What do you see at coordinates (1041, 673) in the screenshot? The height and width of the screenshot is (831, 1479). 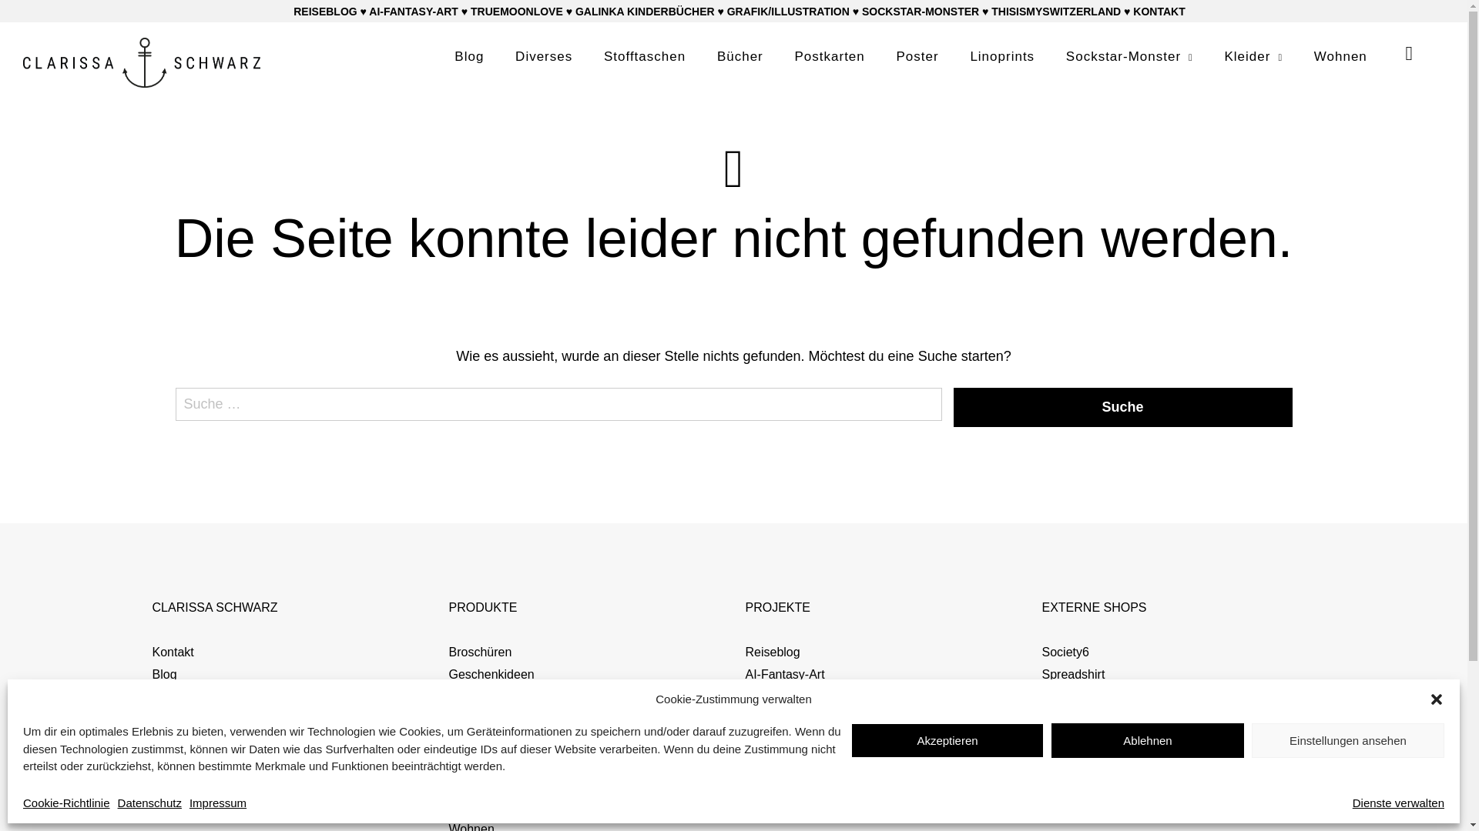 I see `'Spreadshirt'` at bounding box center [1041, 673].